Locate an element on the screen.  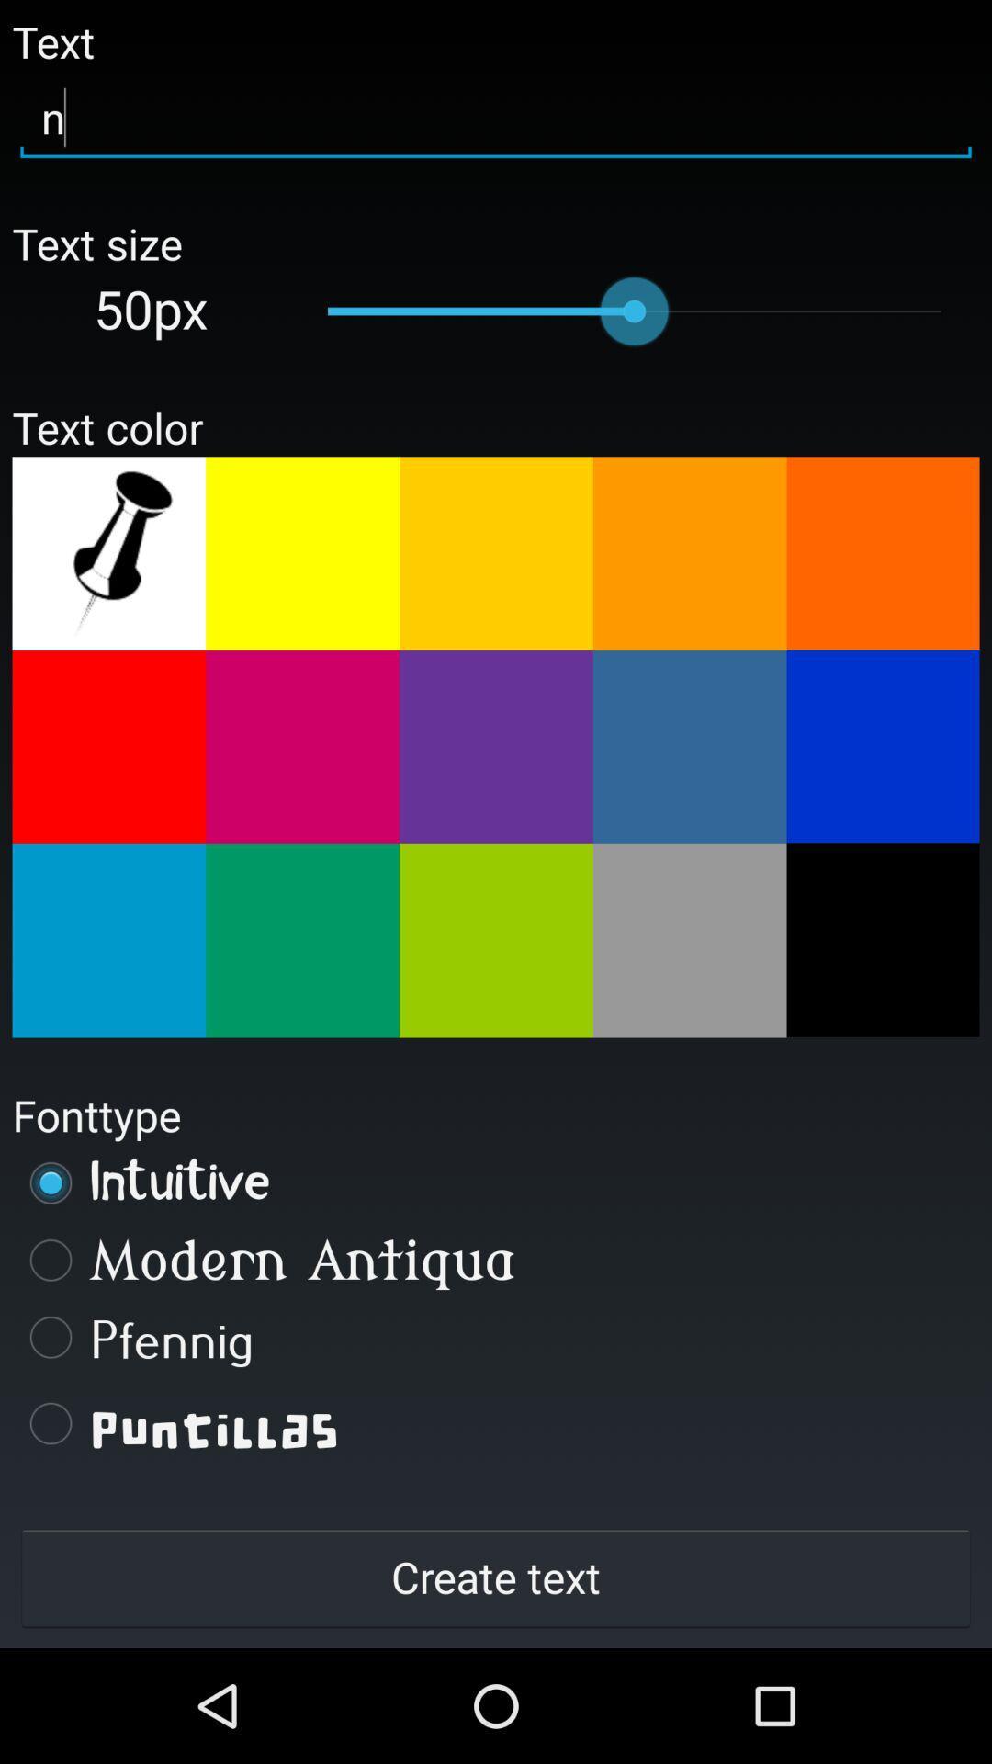
choose color is located at coordinates (108, 941).